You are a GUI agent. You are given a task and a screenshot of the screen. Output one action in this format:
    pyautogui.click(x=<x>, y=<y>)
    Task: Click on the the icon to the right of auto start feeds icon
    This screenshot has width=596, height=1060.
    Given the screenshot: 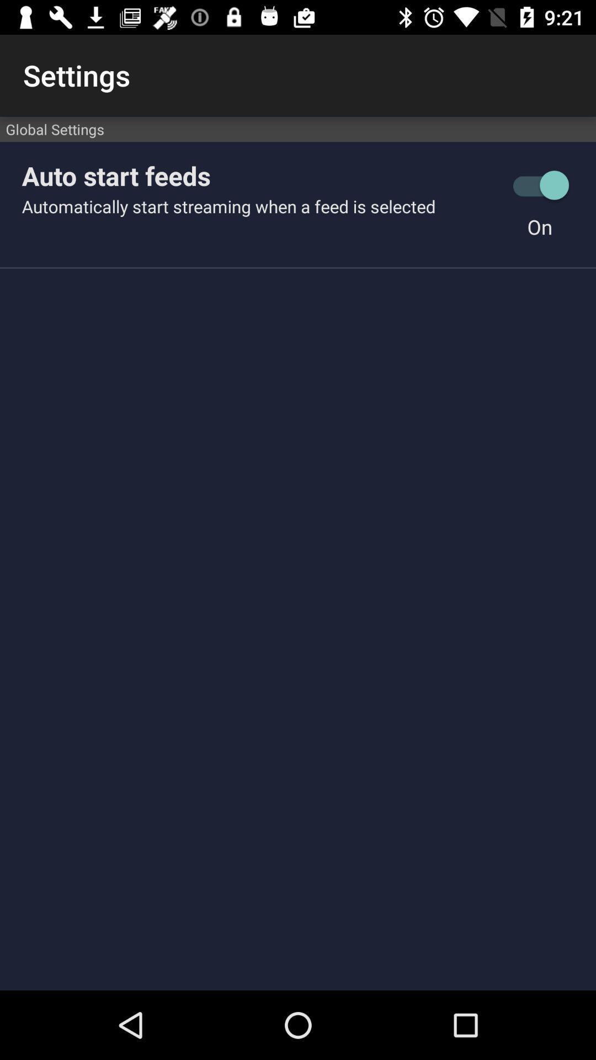 What is the action you would take?
    pyautogui.click(x=539, y=185)
    